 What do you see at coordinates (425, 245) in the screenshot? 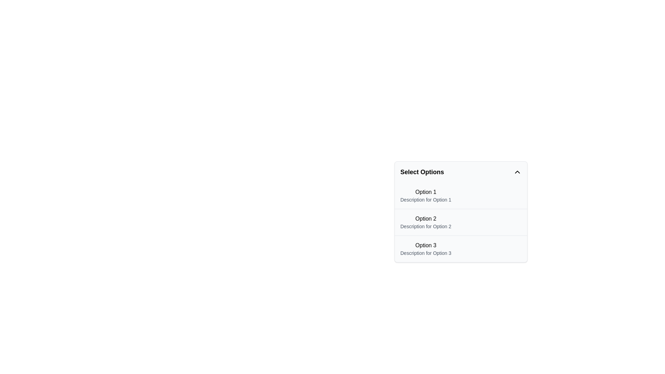
I see `the label displaying 'Option 3', which is located under the heading 'Select Options' and is the label for the third option in a vertically stacked list` at bounding box center [425, 245].